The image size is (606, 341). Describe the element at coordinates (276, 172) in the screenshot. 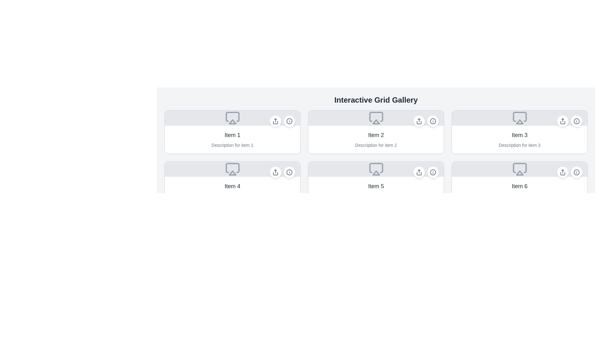

I see `the share icon button located in the top-right corner of 'Item 4' to share the content` at that location.